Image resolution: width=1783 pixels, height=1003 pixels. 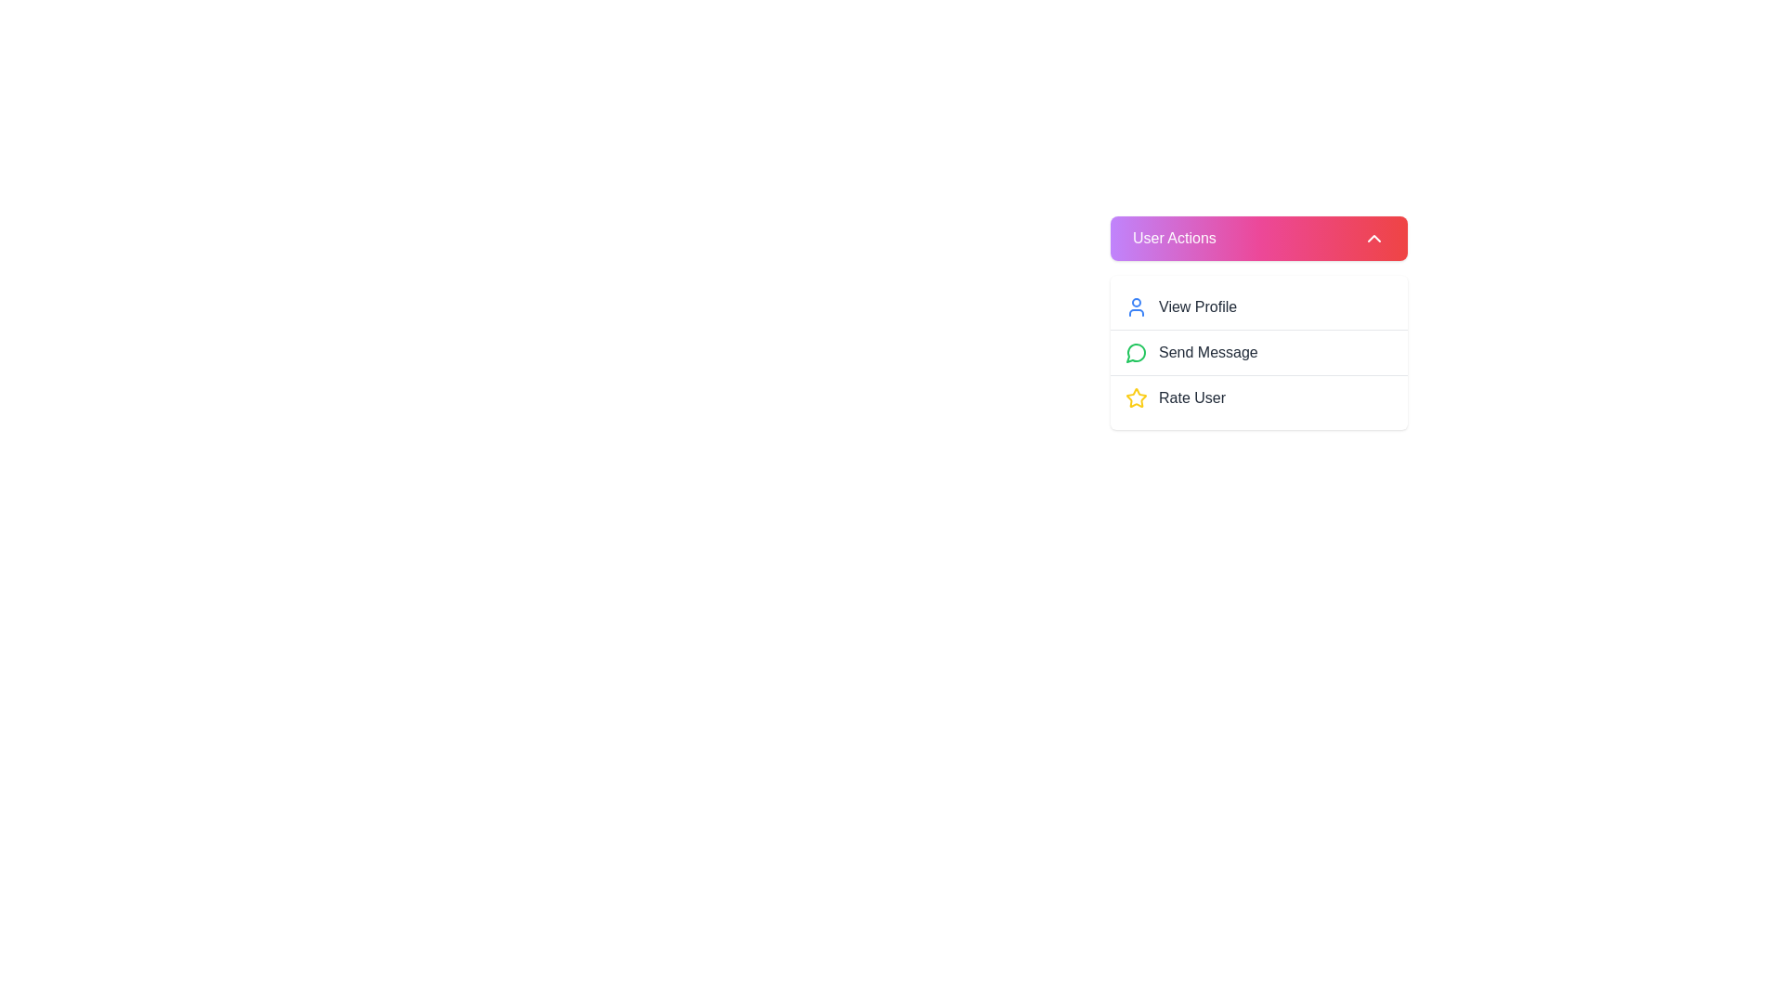 I want to click on the second button in the 'User Actions' section, which initiates a communication action, to receive potential UI feedback, so click(x=1259, y=352).